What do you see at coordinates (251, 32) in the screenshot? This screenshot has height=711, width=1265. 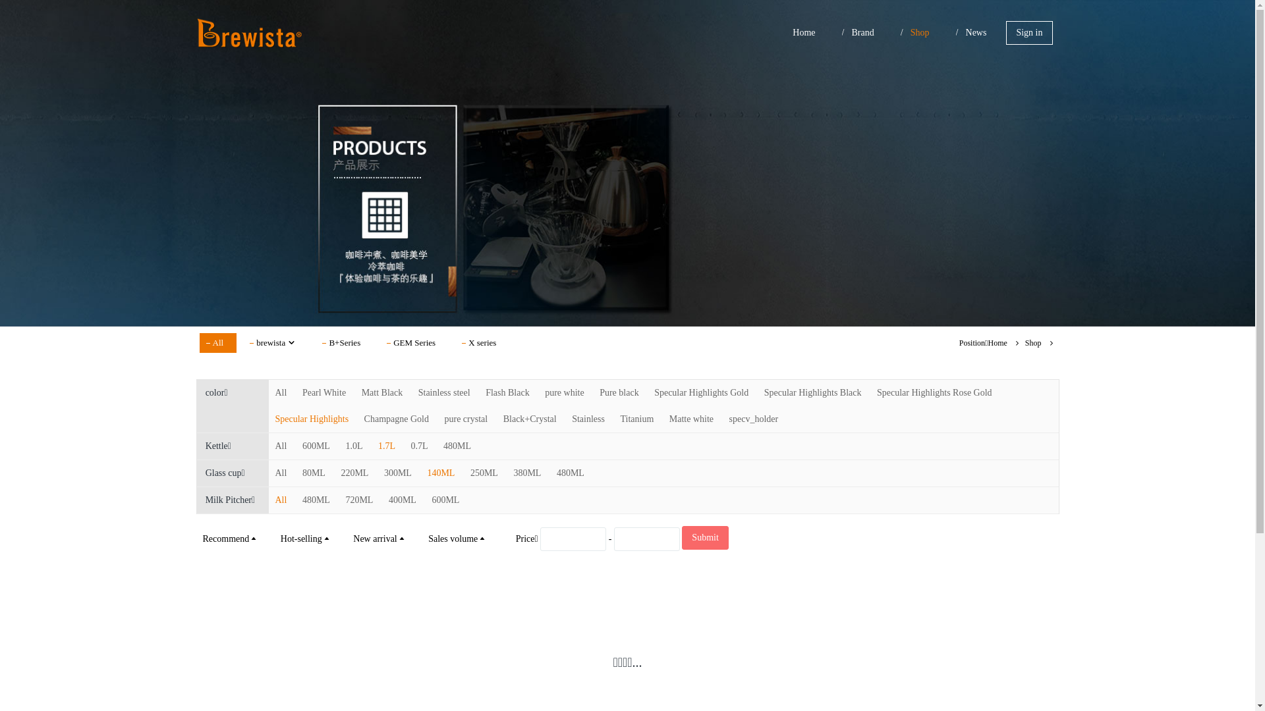 I see `'Brewista In Asia'` at bounding box center [251, 32].